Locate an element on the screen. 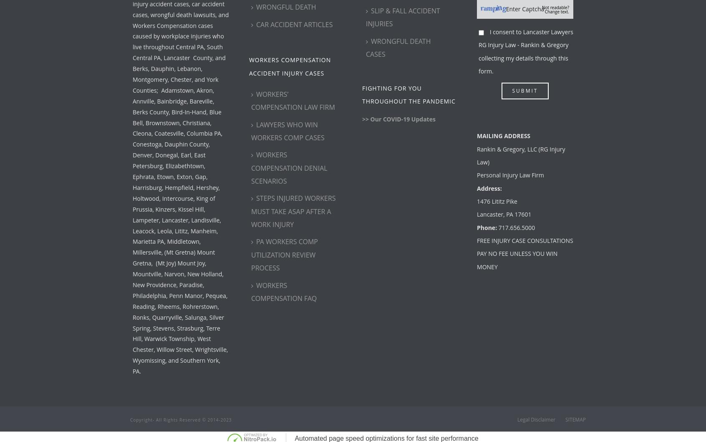  'Not readable? Change text.' is located at coordinates (555, 9).